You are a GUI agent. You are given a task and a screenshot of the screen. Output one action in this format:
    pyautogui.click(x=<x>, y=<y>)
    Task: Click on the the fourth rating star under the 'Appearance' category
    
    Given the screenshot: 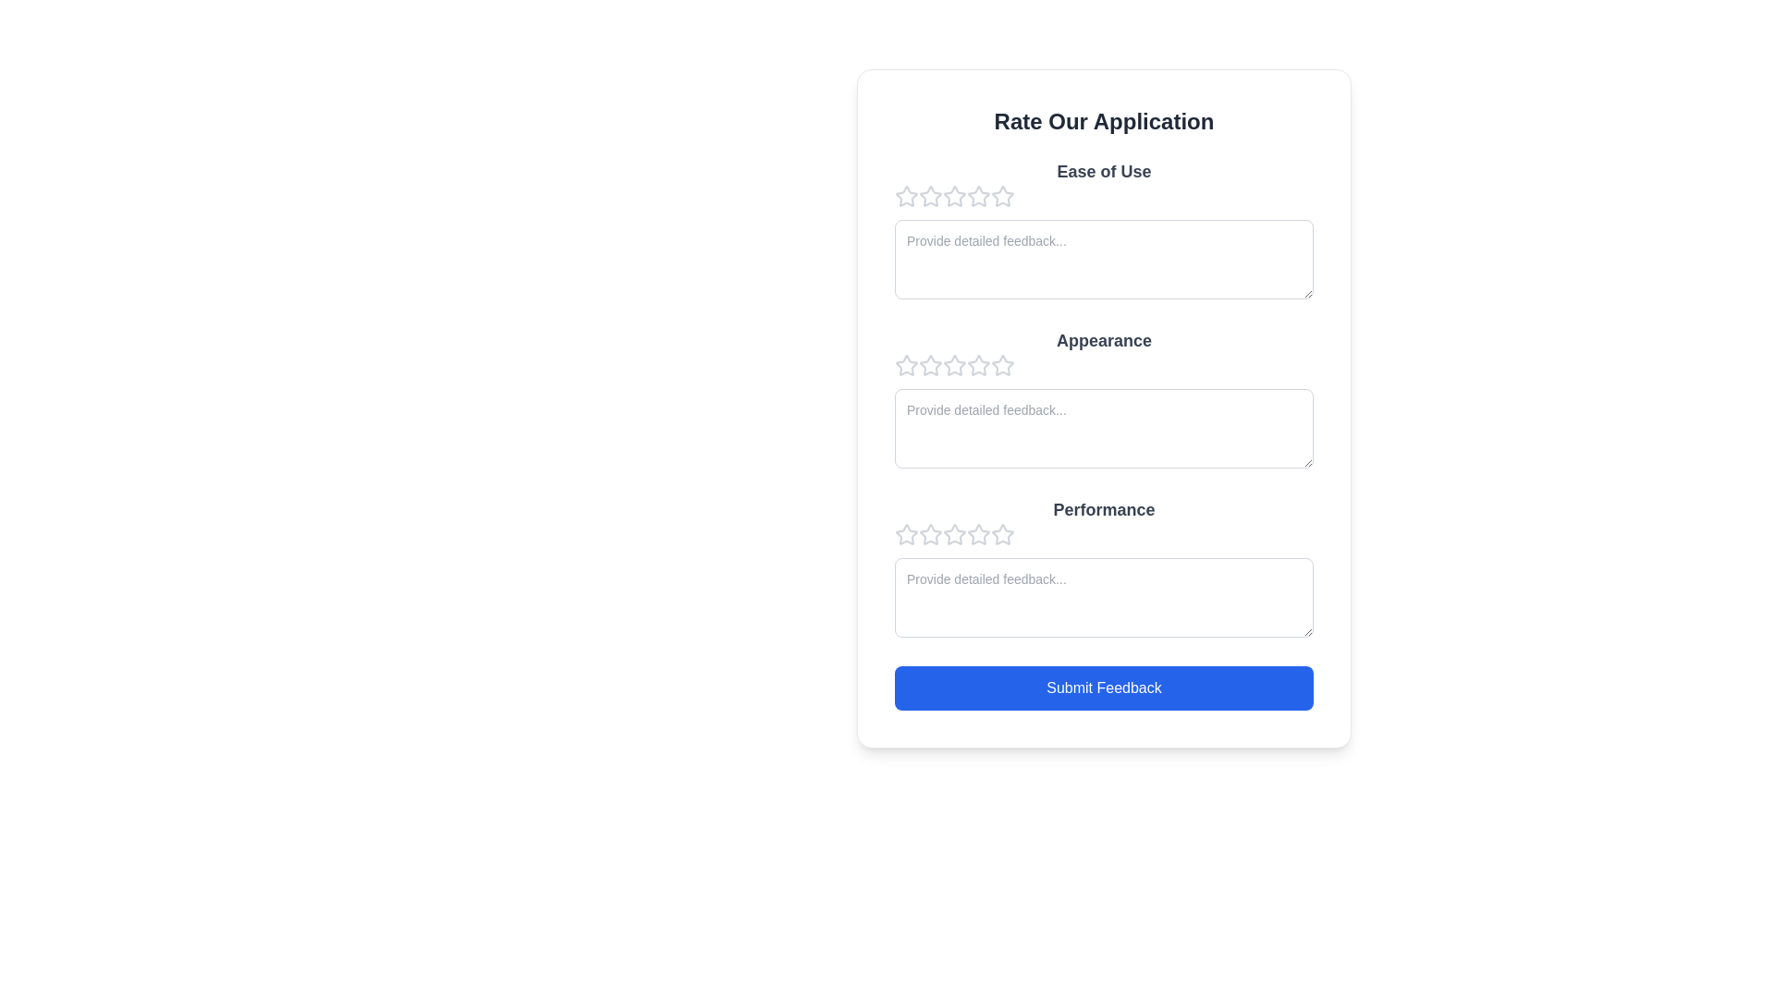 What is the action you would take?
    pyautogui.click(x=954, y=366)
    